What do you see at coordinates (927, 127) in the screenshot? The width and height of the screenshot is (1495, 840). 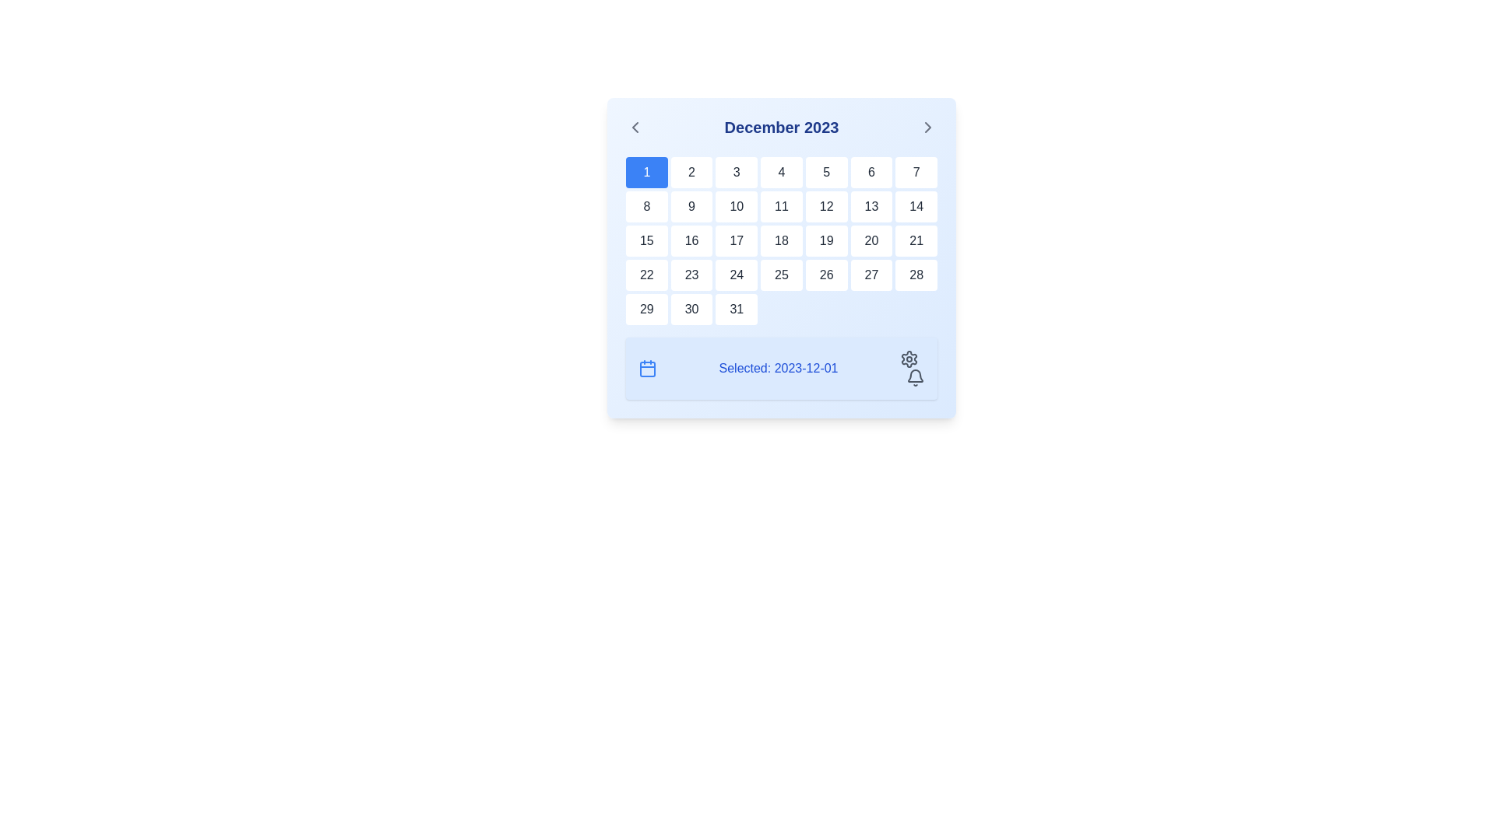 I see `the rightward-facing chevron icon button in the calendar header` at bounding box center [927, 127].